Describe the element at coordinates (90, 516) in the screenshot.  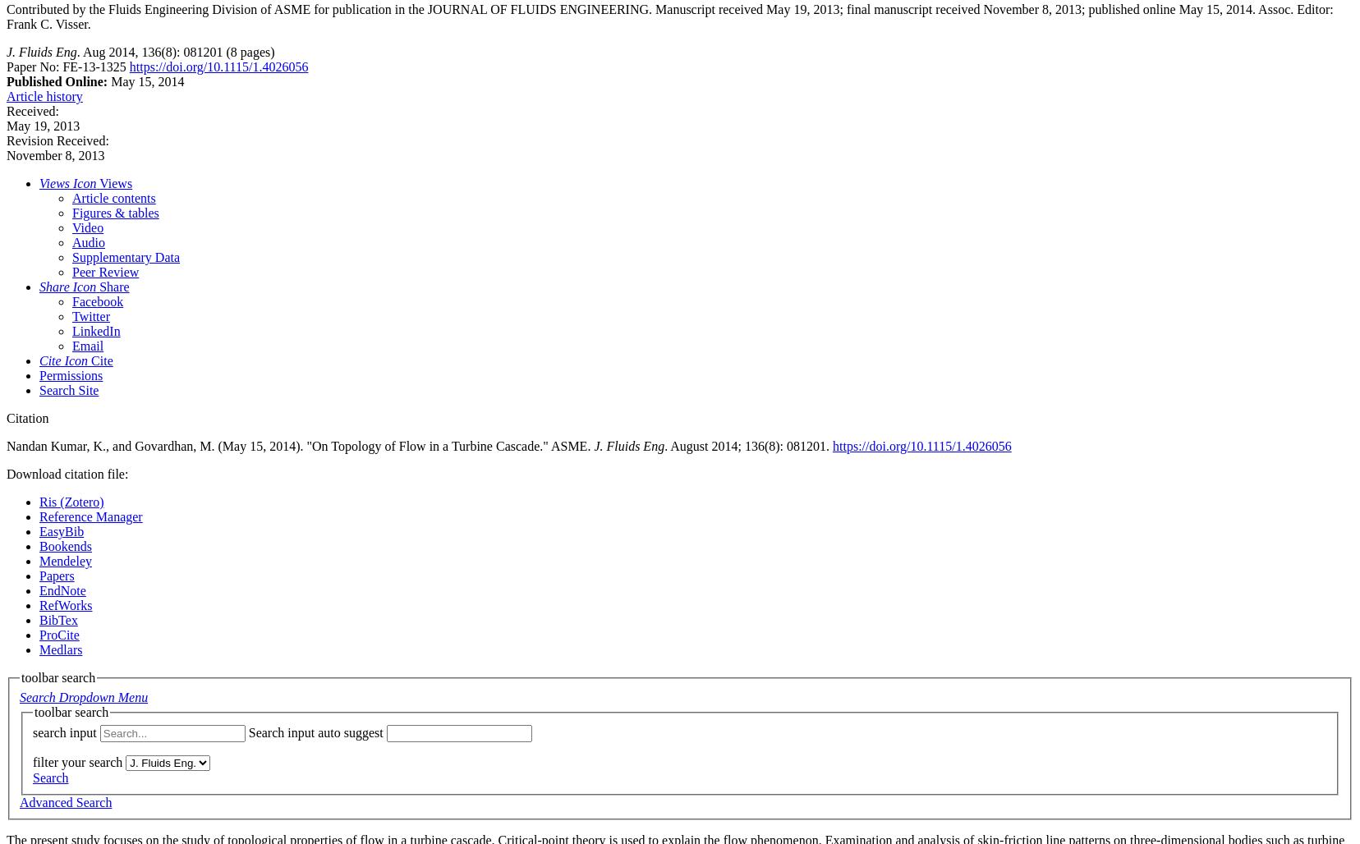
I see `'Reference Manager'` at that location.